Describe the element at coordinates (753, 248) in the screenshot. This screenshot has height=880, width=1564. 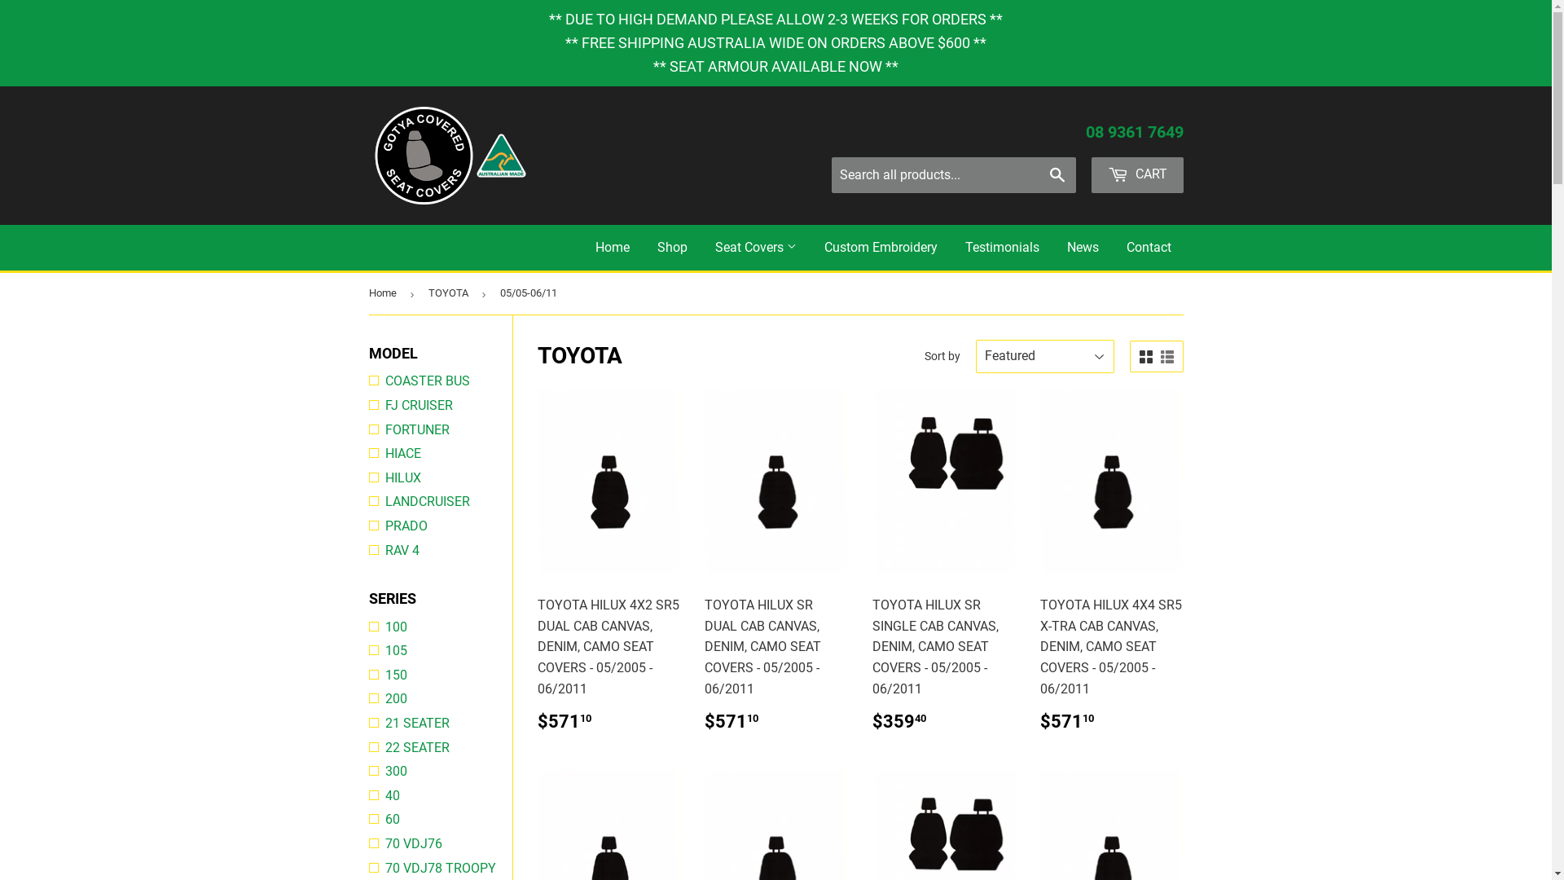
I see `'Seat Covers'` at that location.